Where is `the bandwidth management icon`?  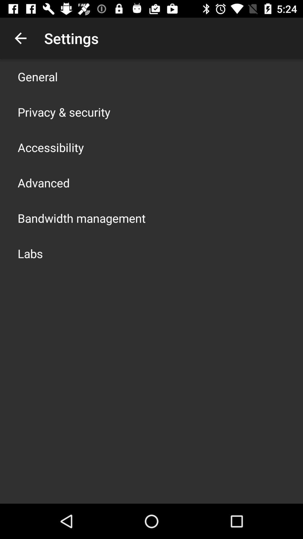
the bandwidth management icon is located at coordinates (81, 218).